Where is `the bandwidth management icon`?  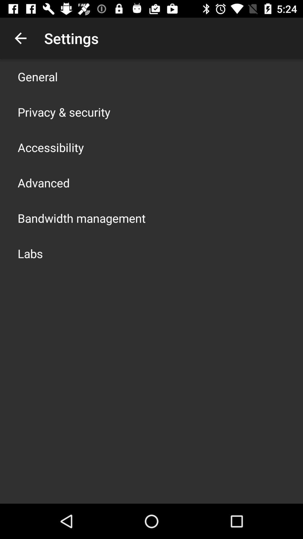
the bandwidth management icon is located at coordinates (81, 218).